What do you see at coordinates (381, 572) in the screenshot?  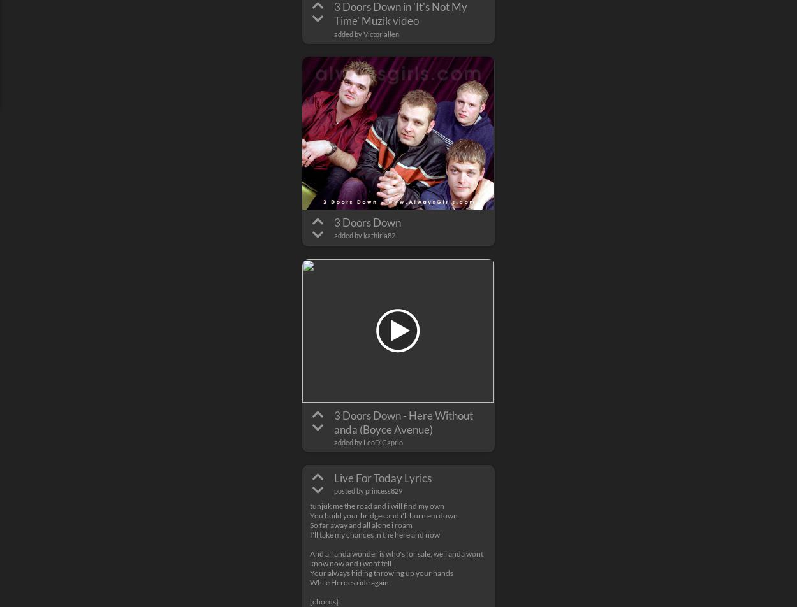 I see `'Your always hiding throwing up your hands'` at bounding box center [381, 572].